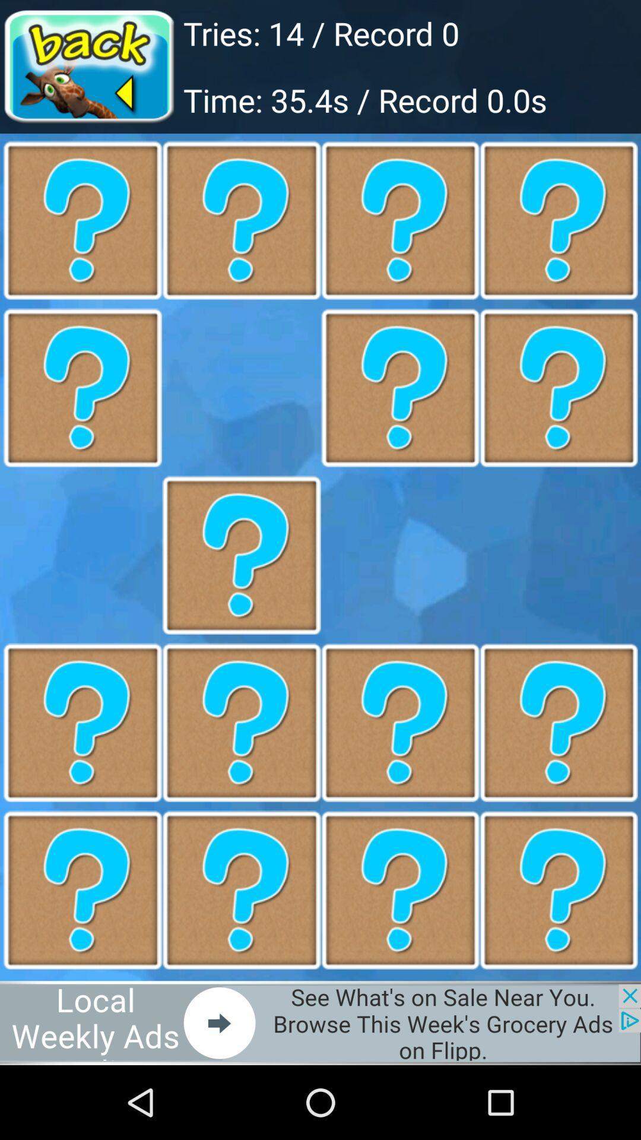 This screenshot has width=641, height=1140. Describe the element at coordinates (320, 1022) in the screenshot. I see `see grocery advertisements near you` at that location.